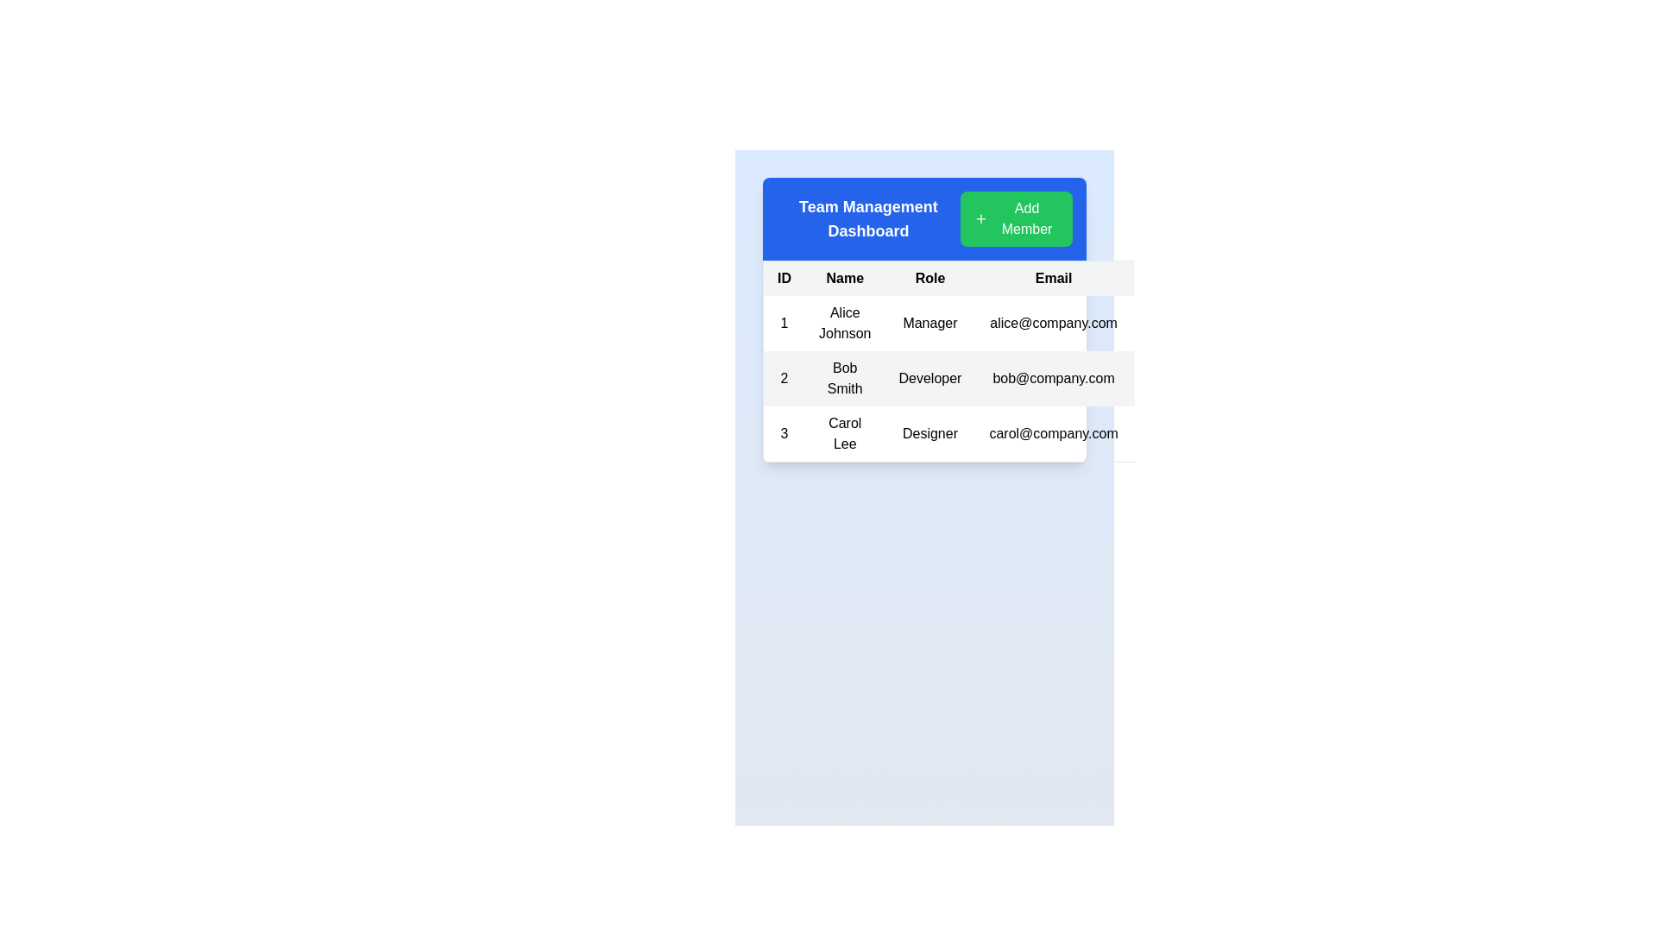 The height and width of the screenshot is (932, 1657). What do you see at coordinates (845, 378) in the screenshot?
I see `the user name text element located in the second row of the table within the 'Name' column, which is flanked by 'Developer' on the right` at bounding box center [845, 378].